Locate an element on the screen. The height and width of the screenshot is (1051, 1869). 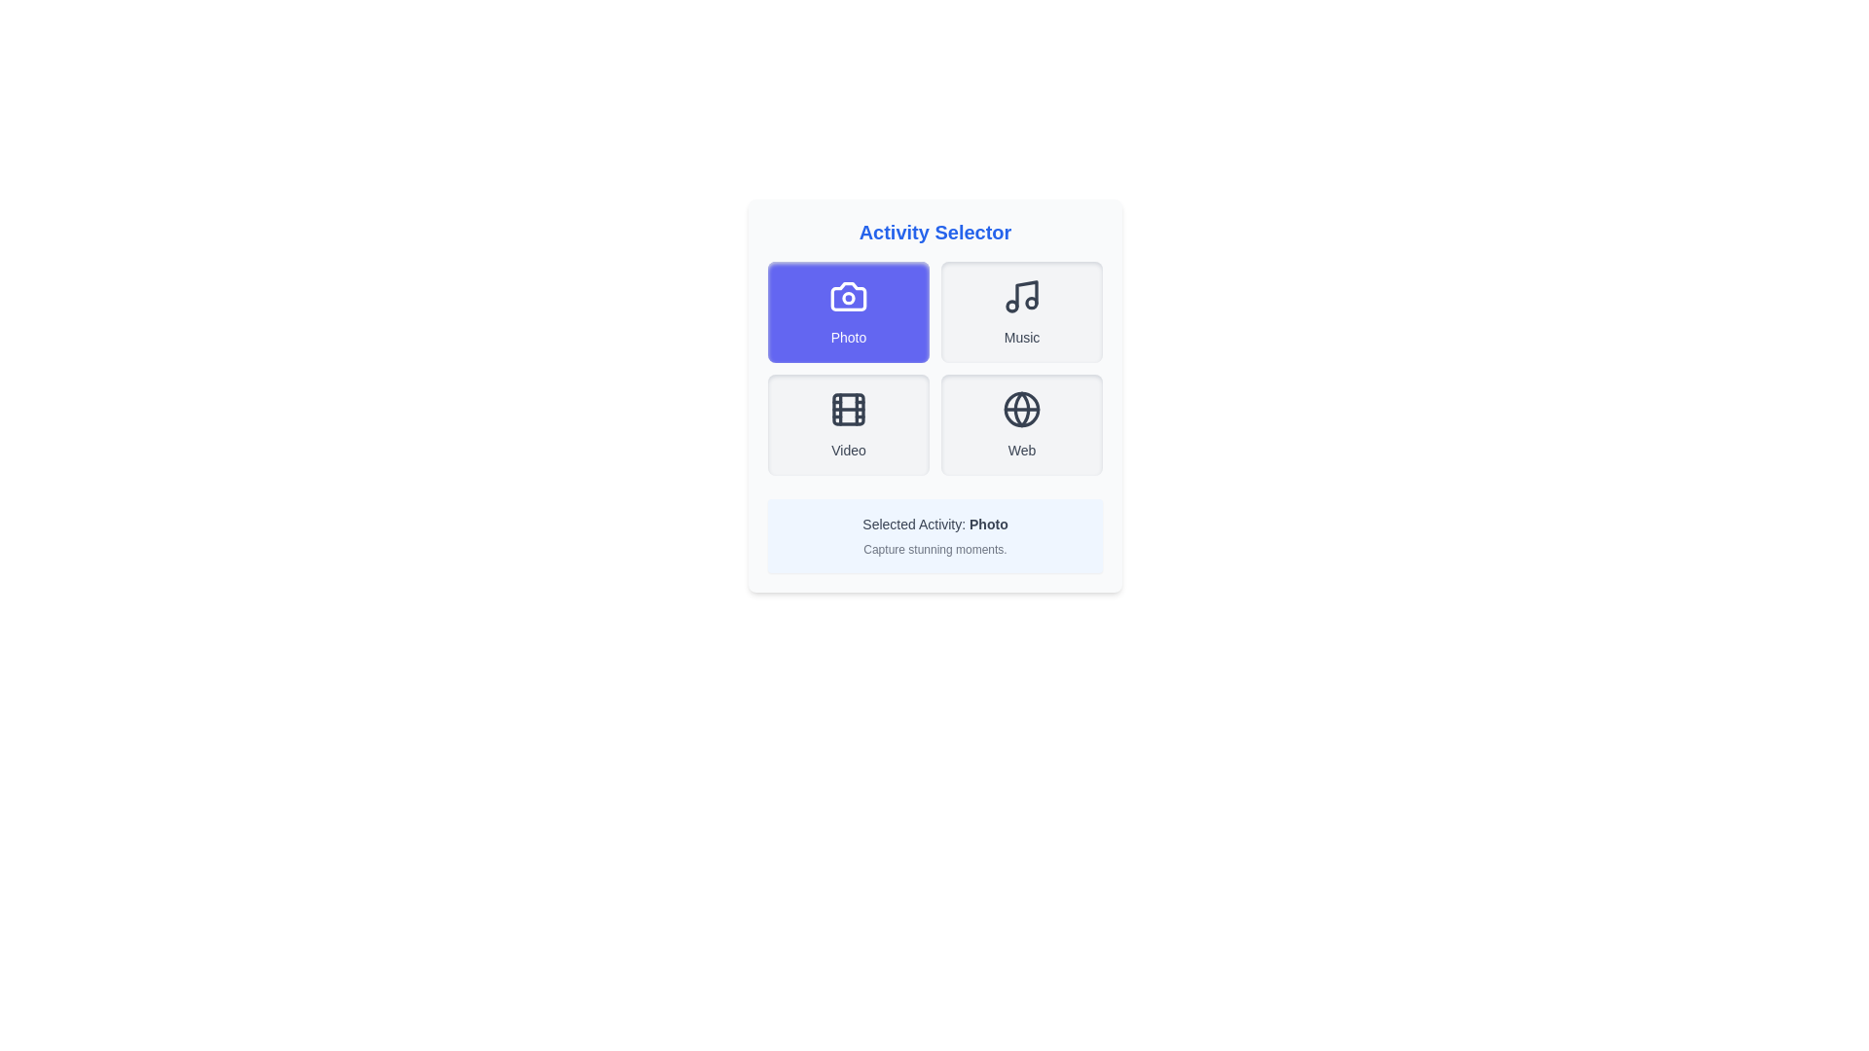
the button in the first row and second column of the grid is located at coordinates (1021, 310).